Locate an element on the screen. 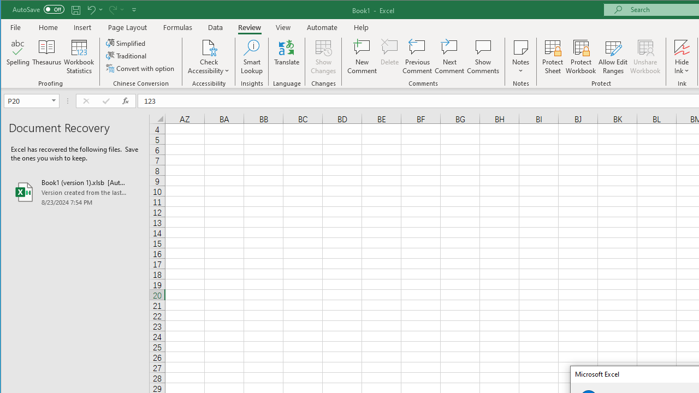 This screenshot has width=699, height=393. 'Hide Ink' is located at coordinates (681, 46).